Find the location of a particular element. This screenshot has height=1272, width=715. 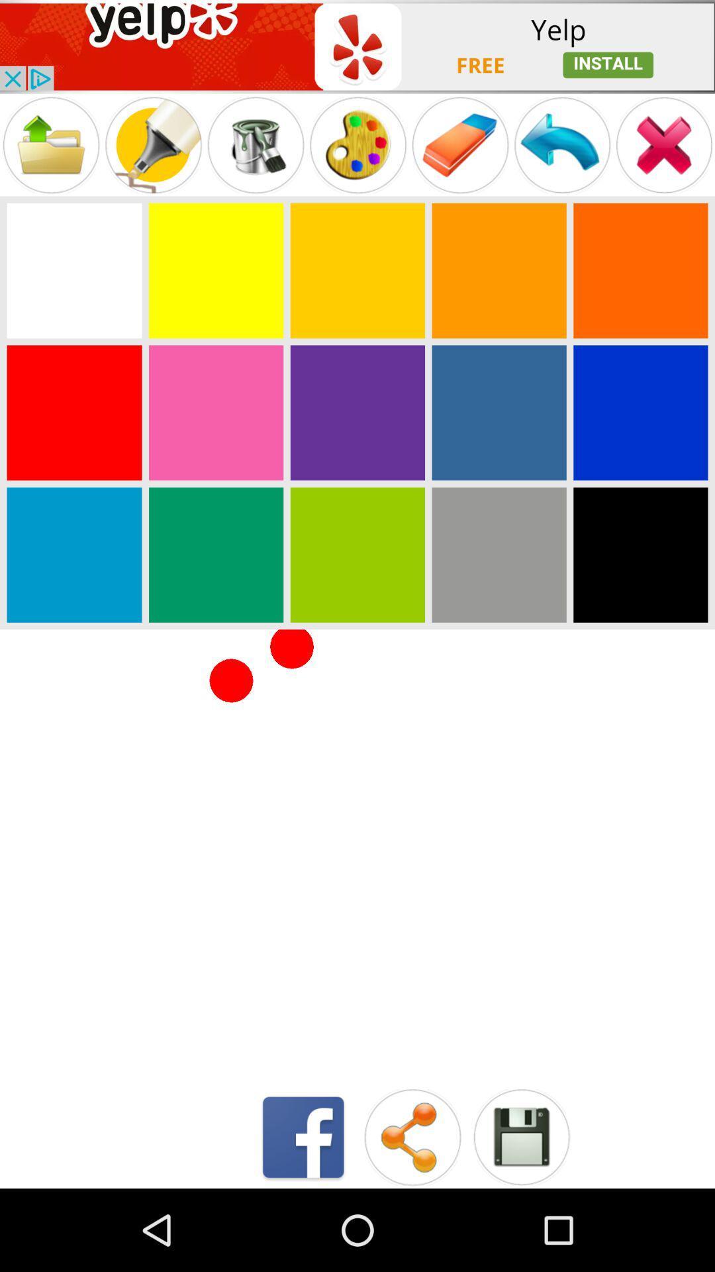

undo is located at coordinates (562, 145).